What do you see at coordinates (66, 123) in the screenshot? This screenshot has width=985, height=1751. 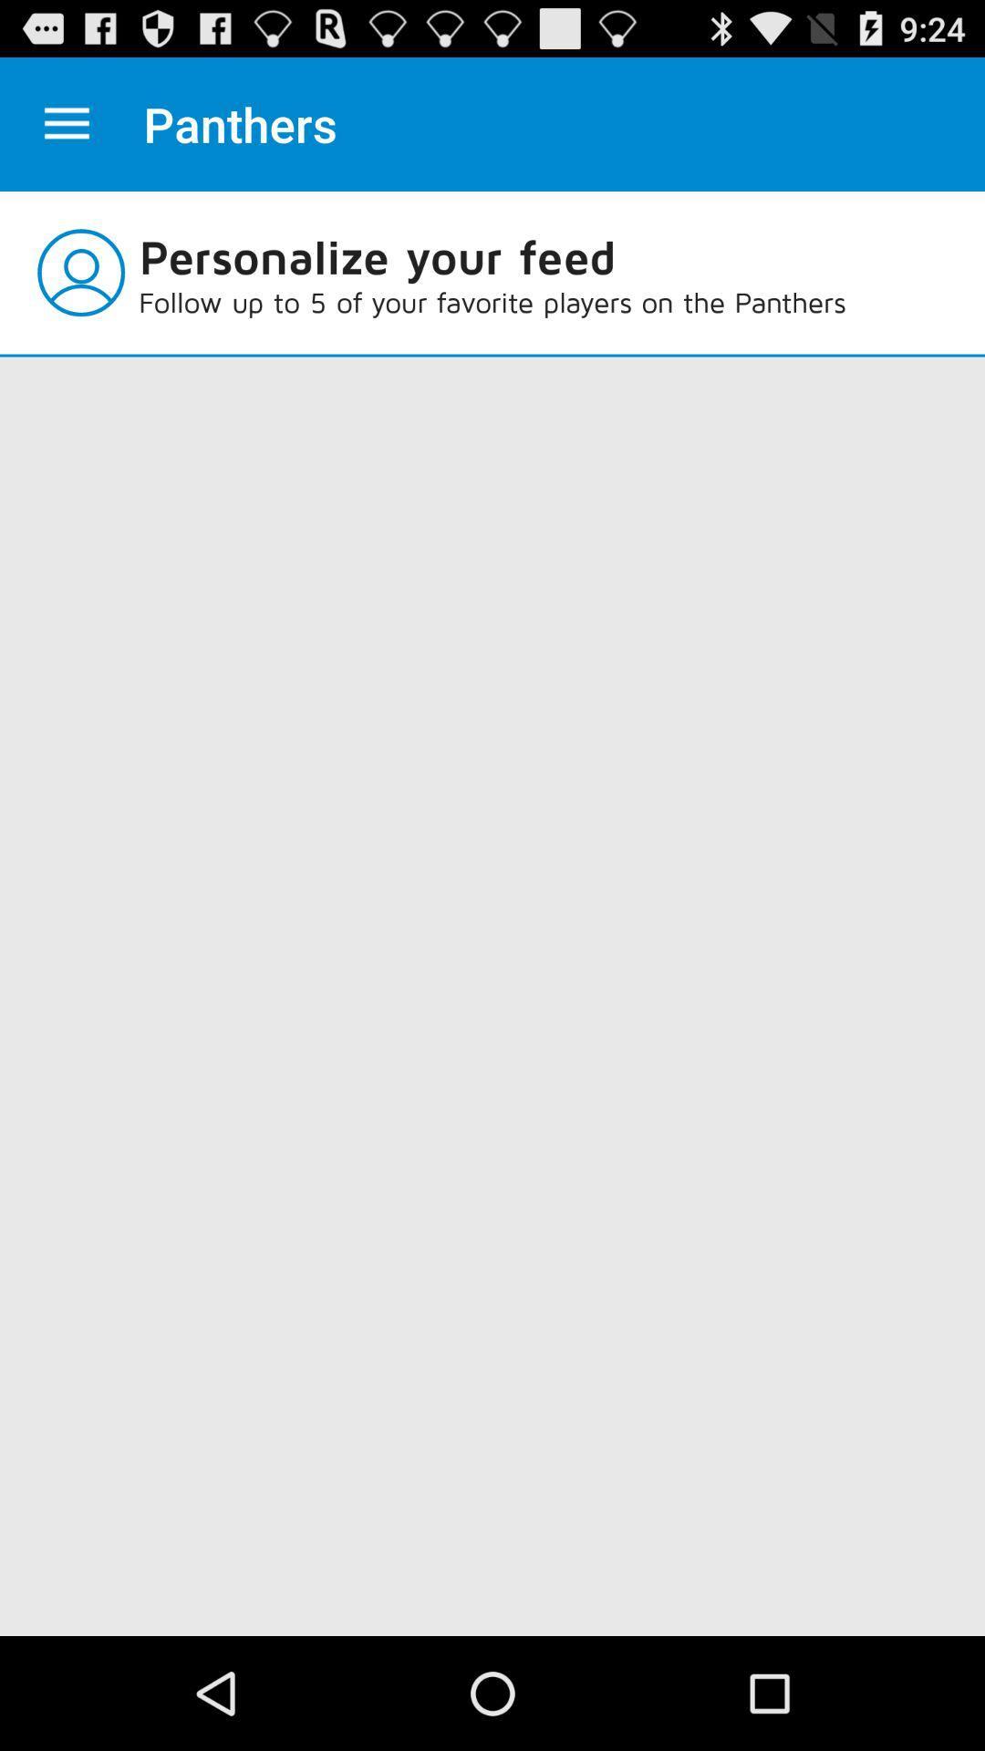 I see `item next to panthers icon` at bounding box center [66, 123].